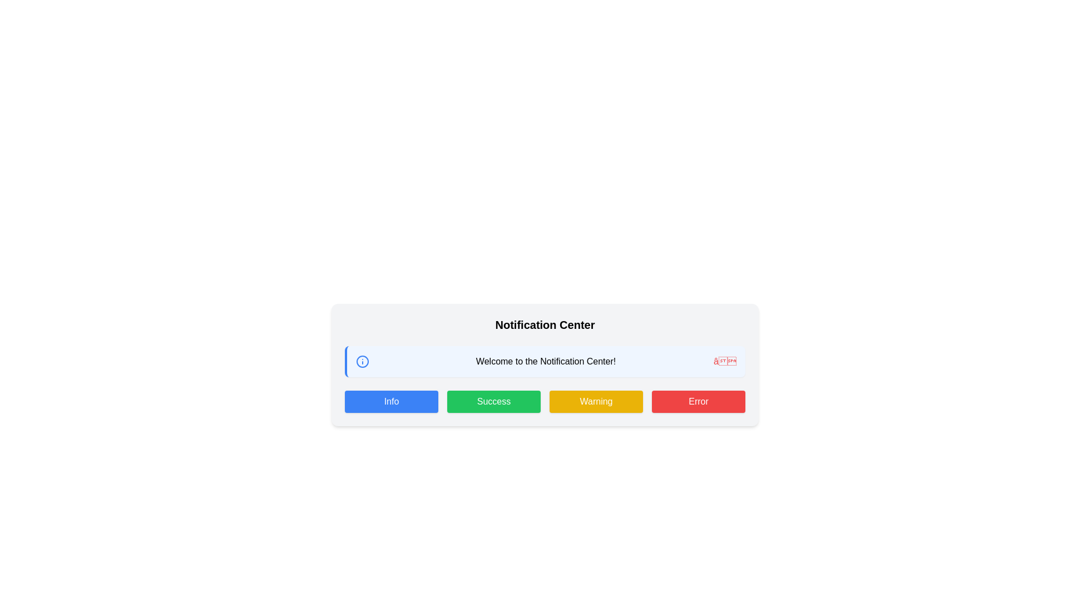 The image size is (1068, 601). Describe the element at coordinates (546, 362) in the screenshot. I see `the static text element that reads 'Welcome to the Notification Center!' which is centrally positioned within the notification box` at that location.